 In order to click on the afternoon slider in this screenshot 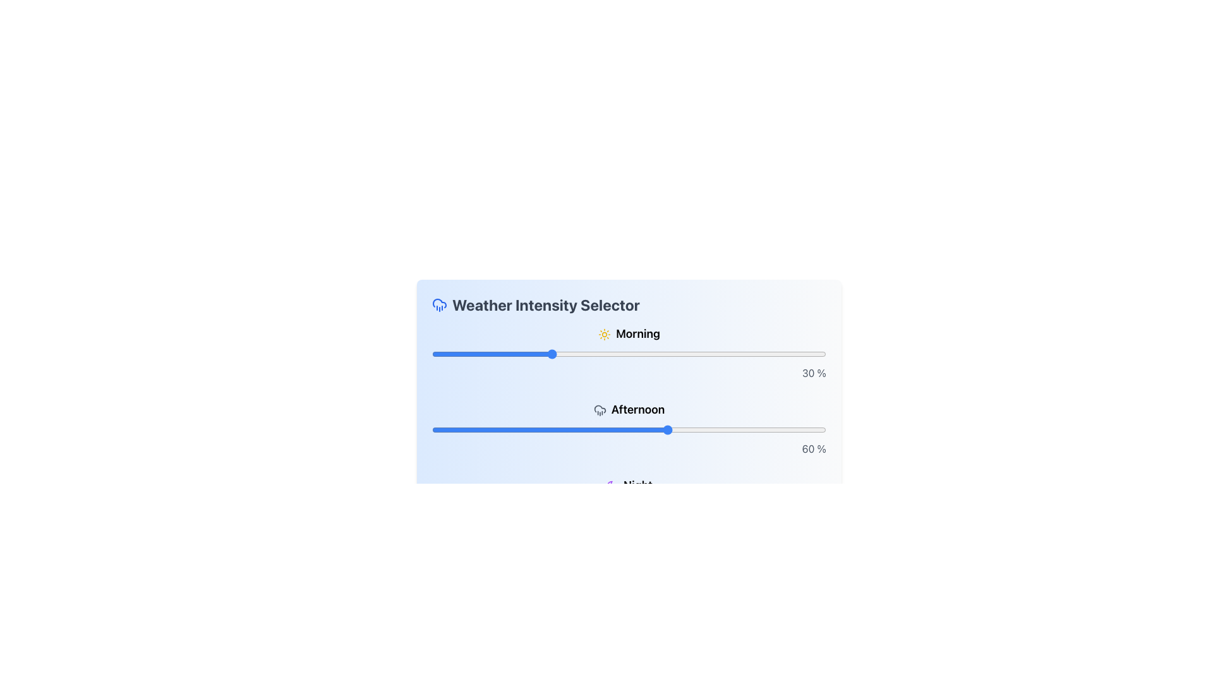, I will do `click(716, 429)`.